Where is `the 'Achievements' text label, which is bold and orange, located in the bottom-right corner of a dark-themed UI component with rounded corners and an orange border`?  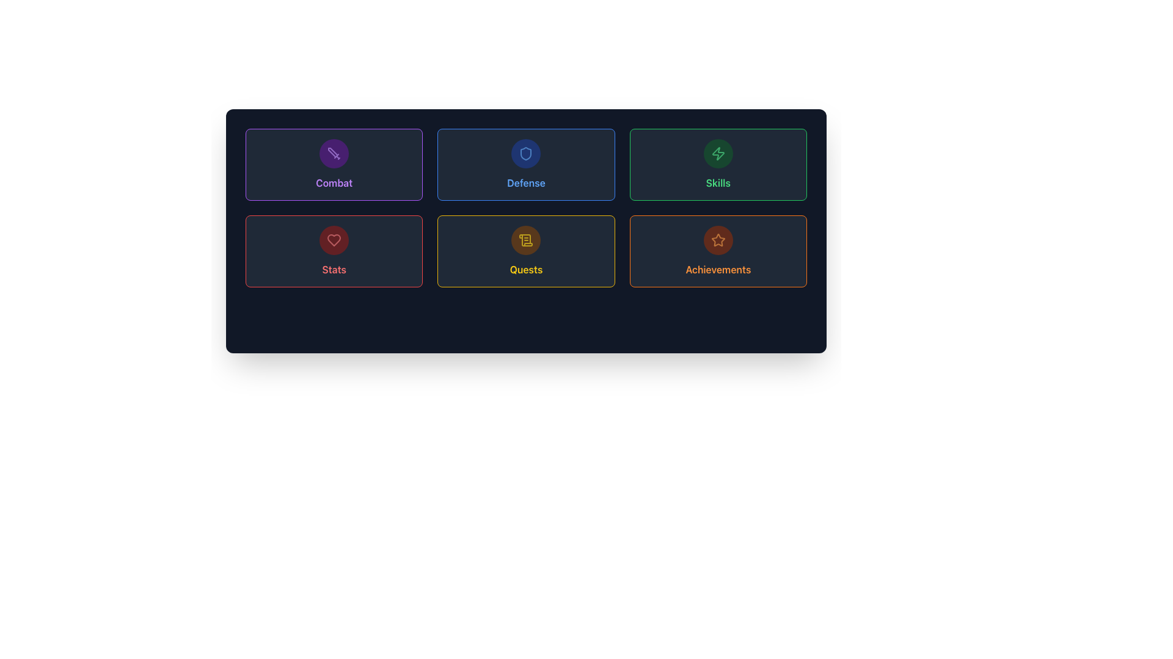 the 'Achievements' text label, which is bold and orange, located in the bottom-right corner of a dark-themed UI component with rounded corners and an orange border is located at coordinates (718, 269).